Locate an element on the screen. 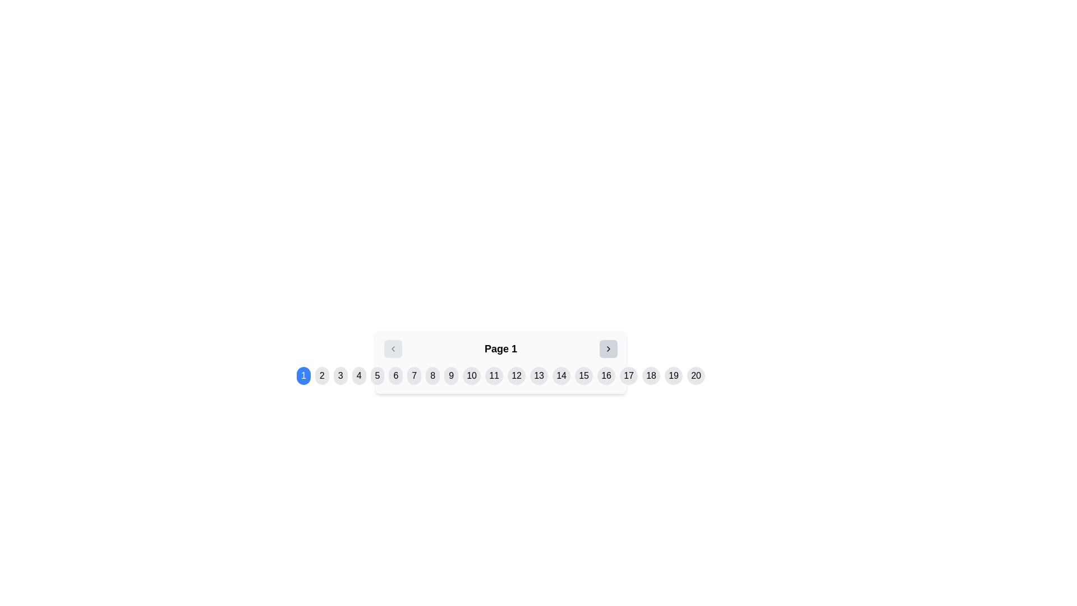 The height and width of the screenshot is (606, 1077). the chevron icon embedded in the left navigation button is located at coordinates (393, 348).